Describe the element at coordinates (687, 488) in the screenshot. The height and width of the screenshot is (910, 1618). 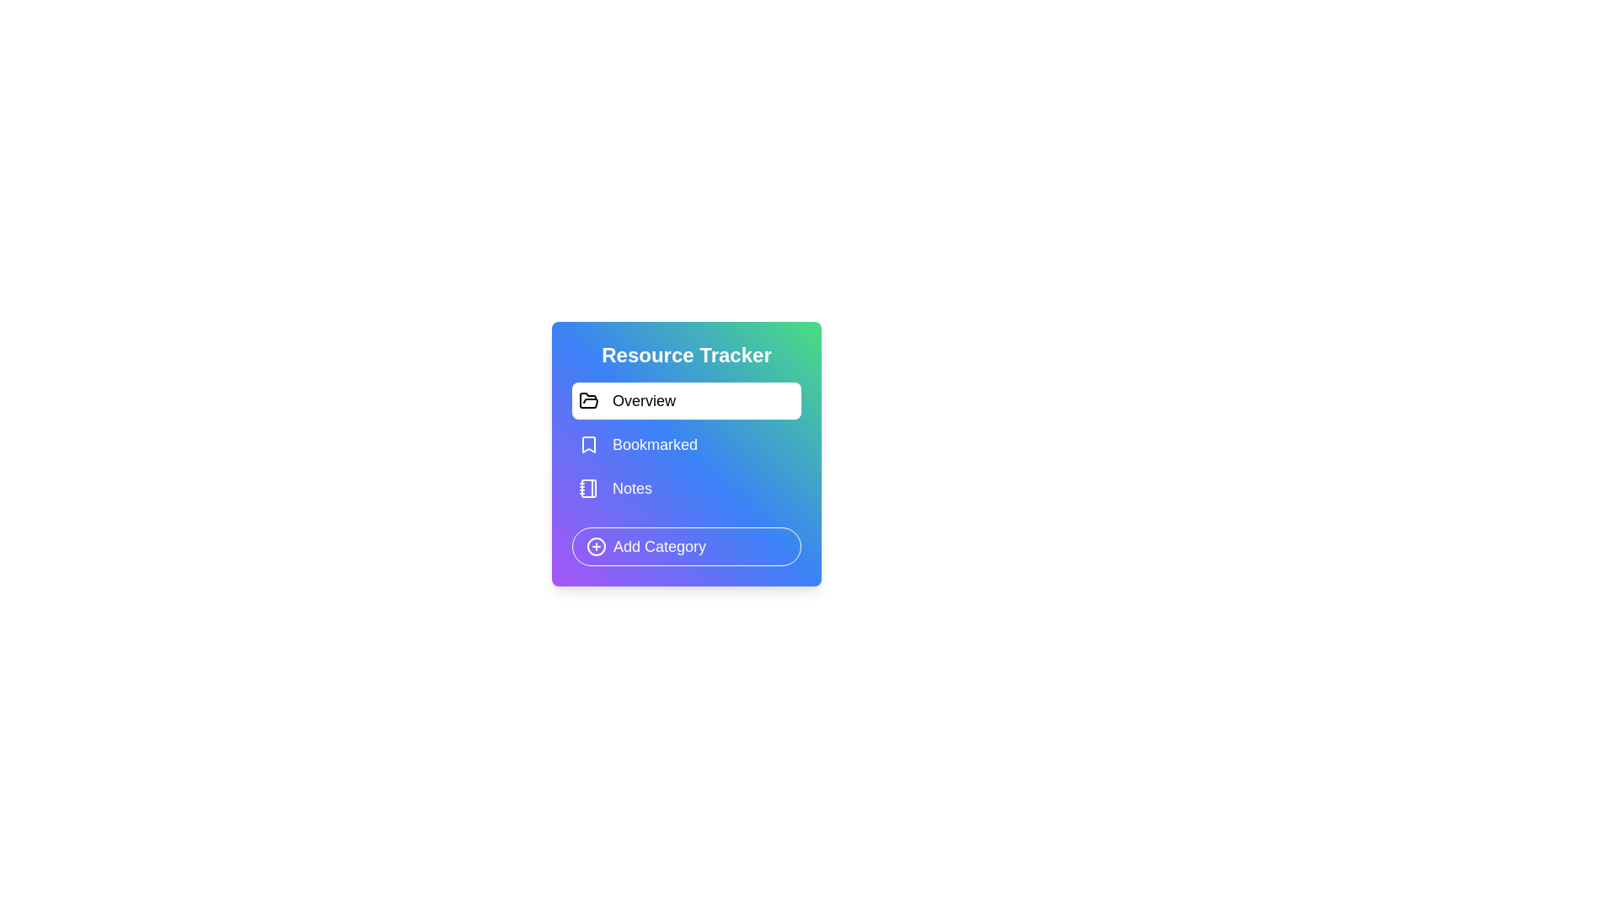
I see `the category Notes from the list` at that location.